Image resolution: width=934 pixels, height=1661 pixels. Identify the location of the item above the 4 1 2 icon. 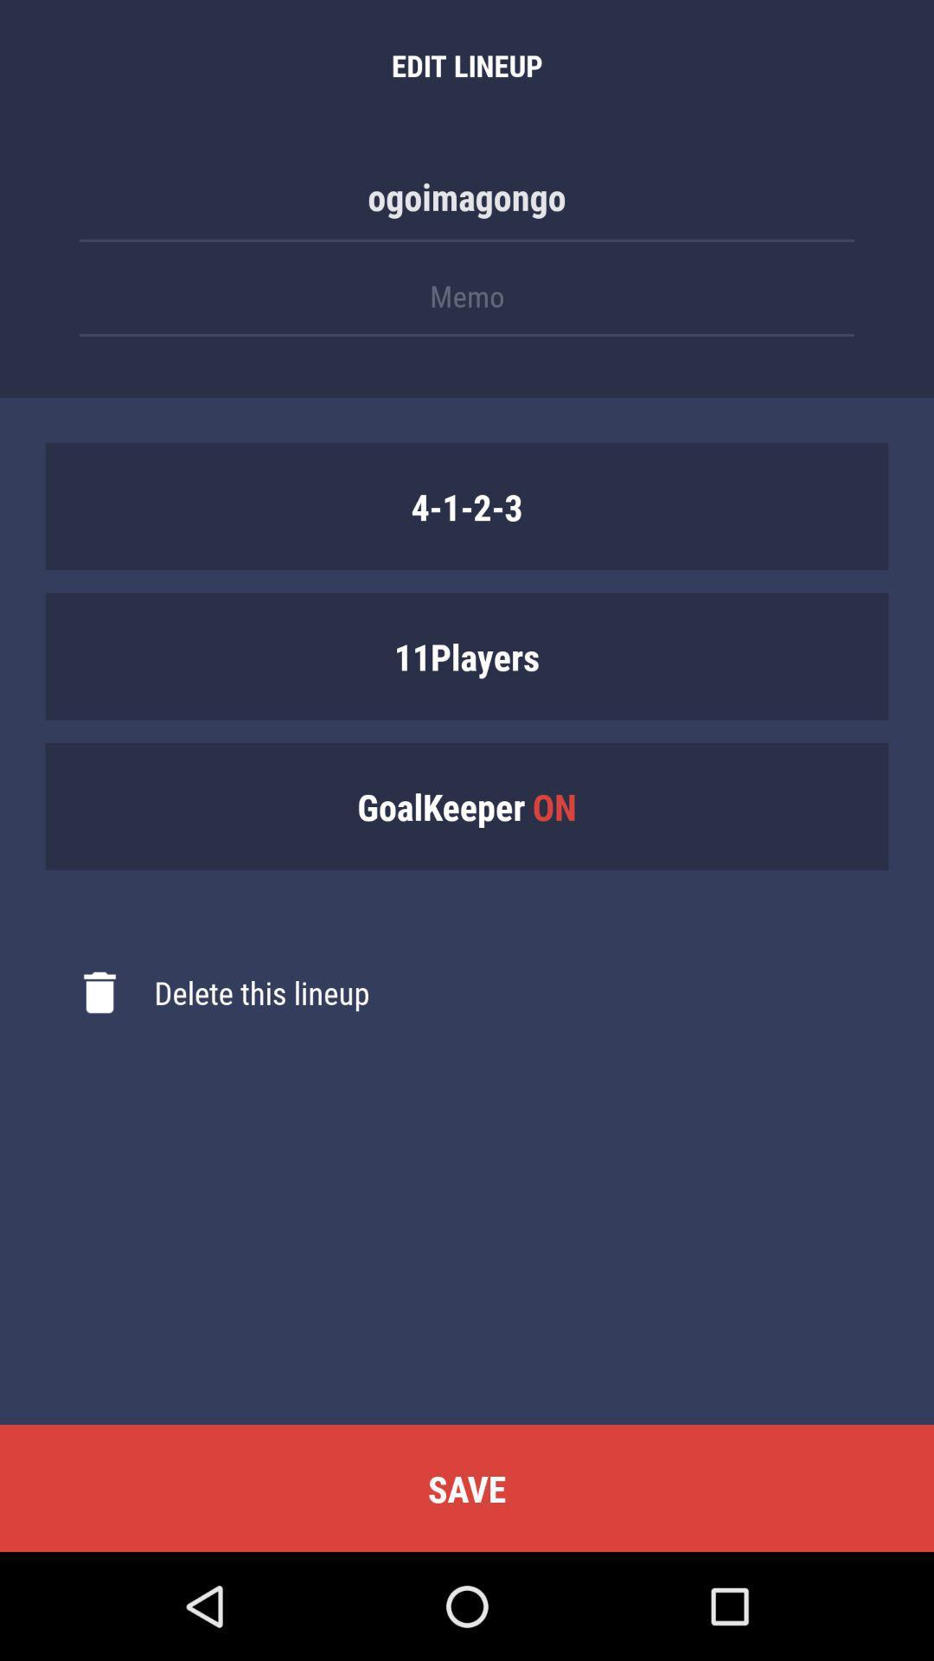
(467, 305).